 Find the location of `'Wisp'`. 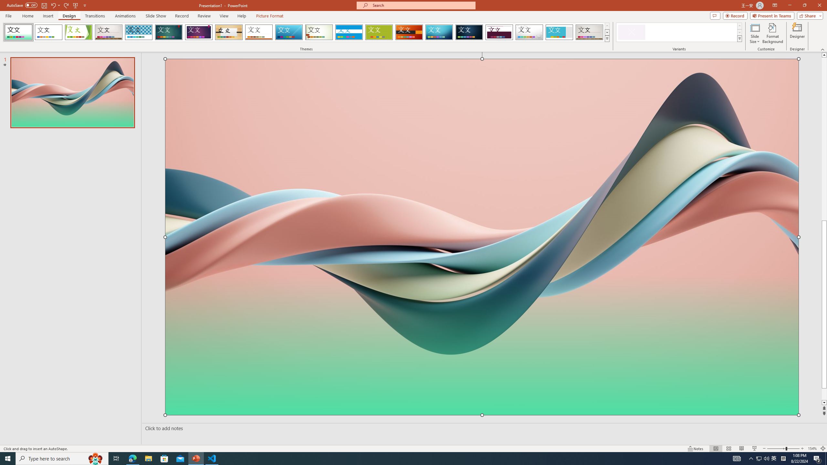

'Wisp' is located at coordinates (319, 32).